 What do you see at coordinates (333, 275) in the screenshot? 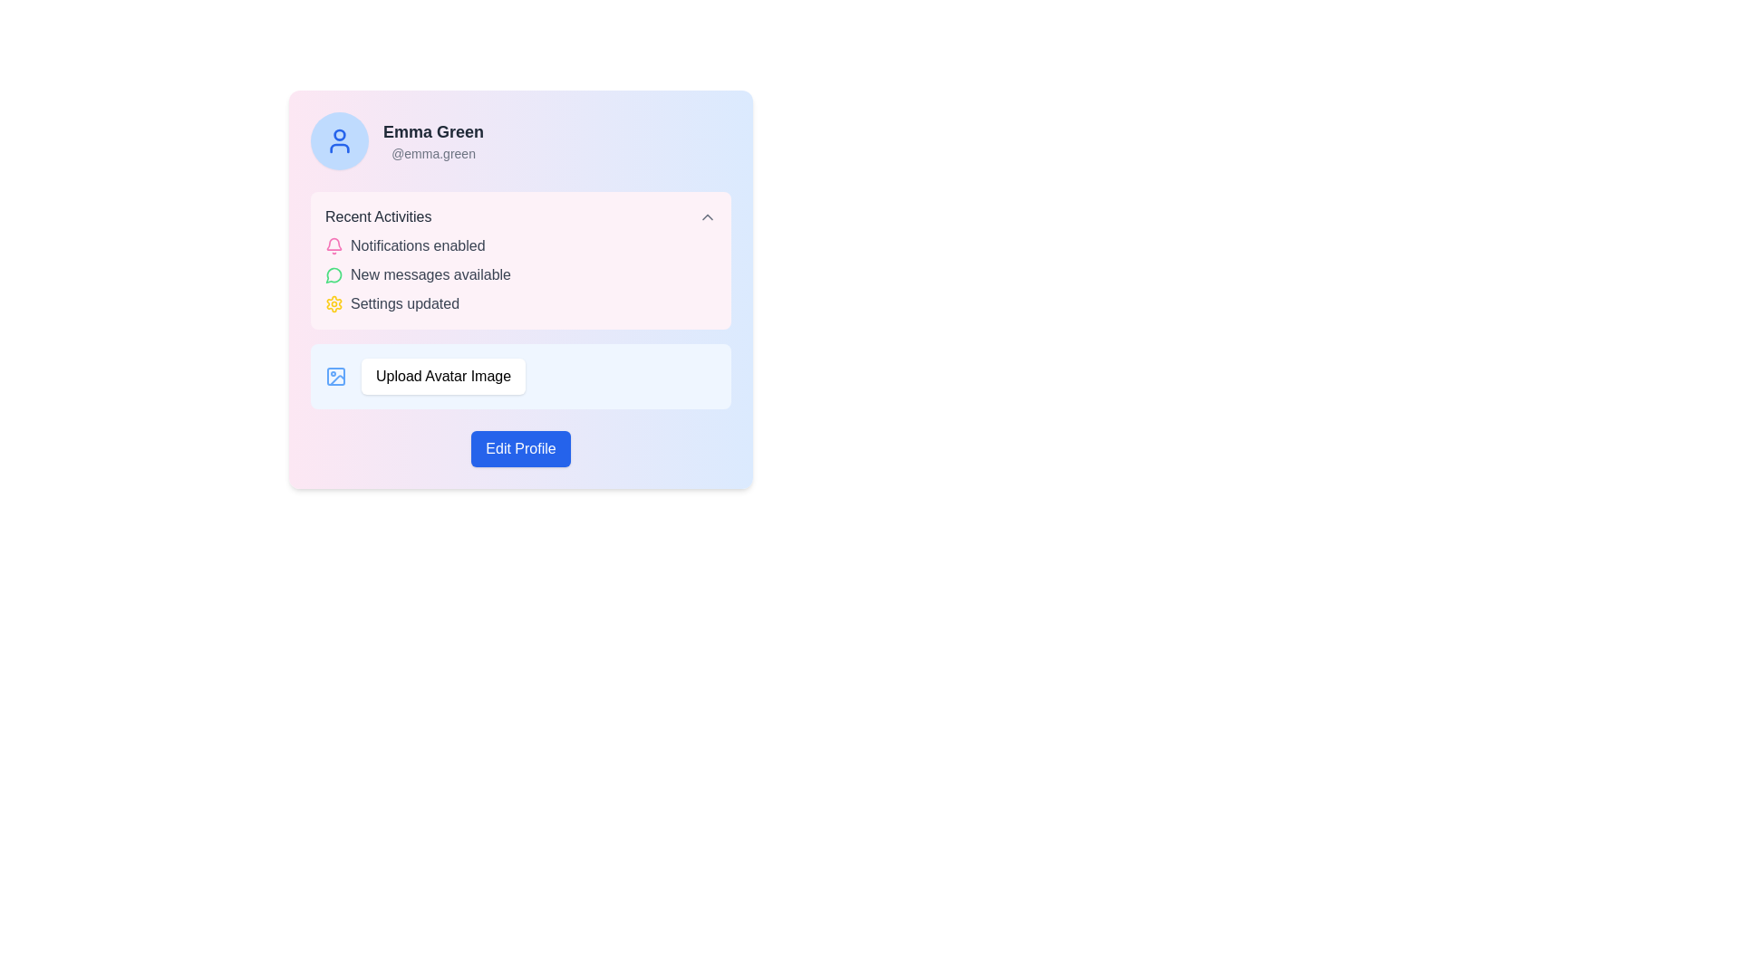
I see `the circular green outlined icon with a chat bubble symbol located in the 'Recent Activities' section, positioned between 'Notifications enabled' and 'Settings updated'` at bounding box center [333, 275].